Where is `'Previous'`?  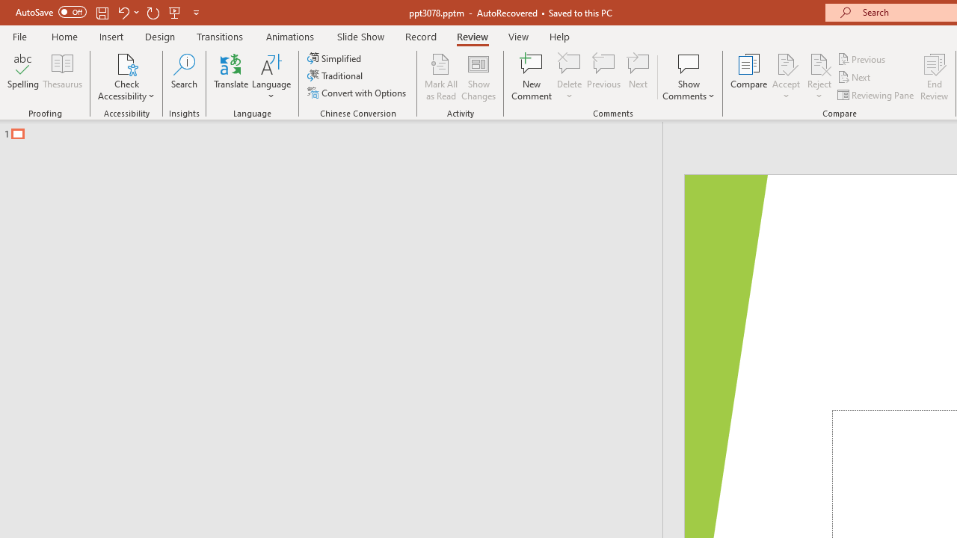
'Previous' is located at coordinates (862, 58).